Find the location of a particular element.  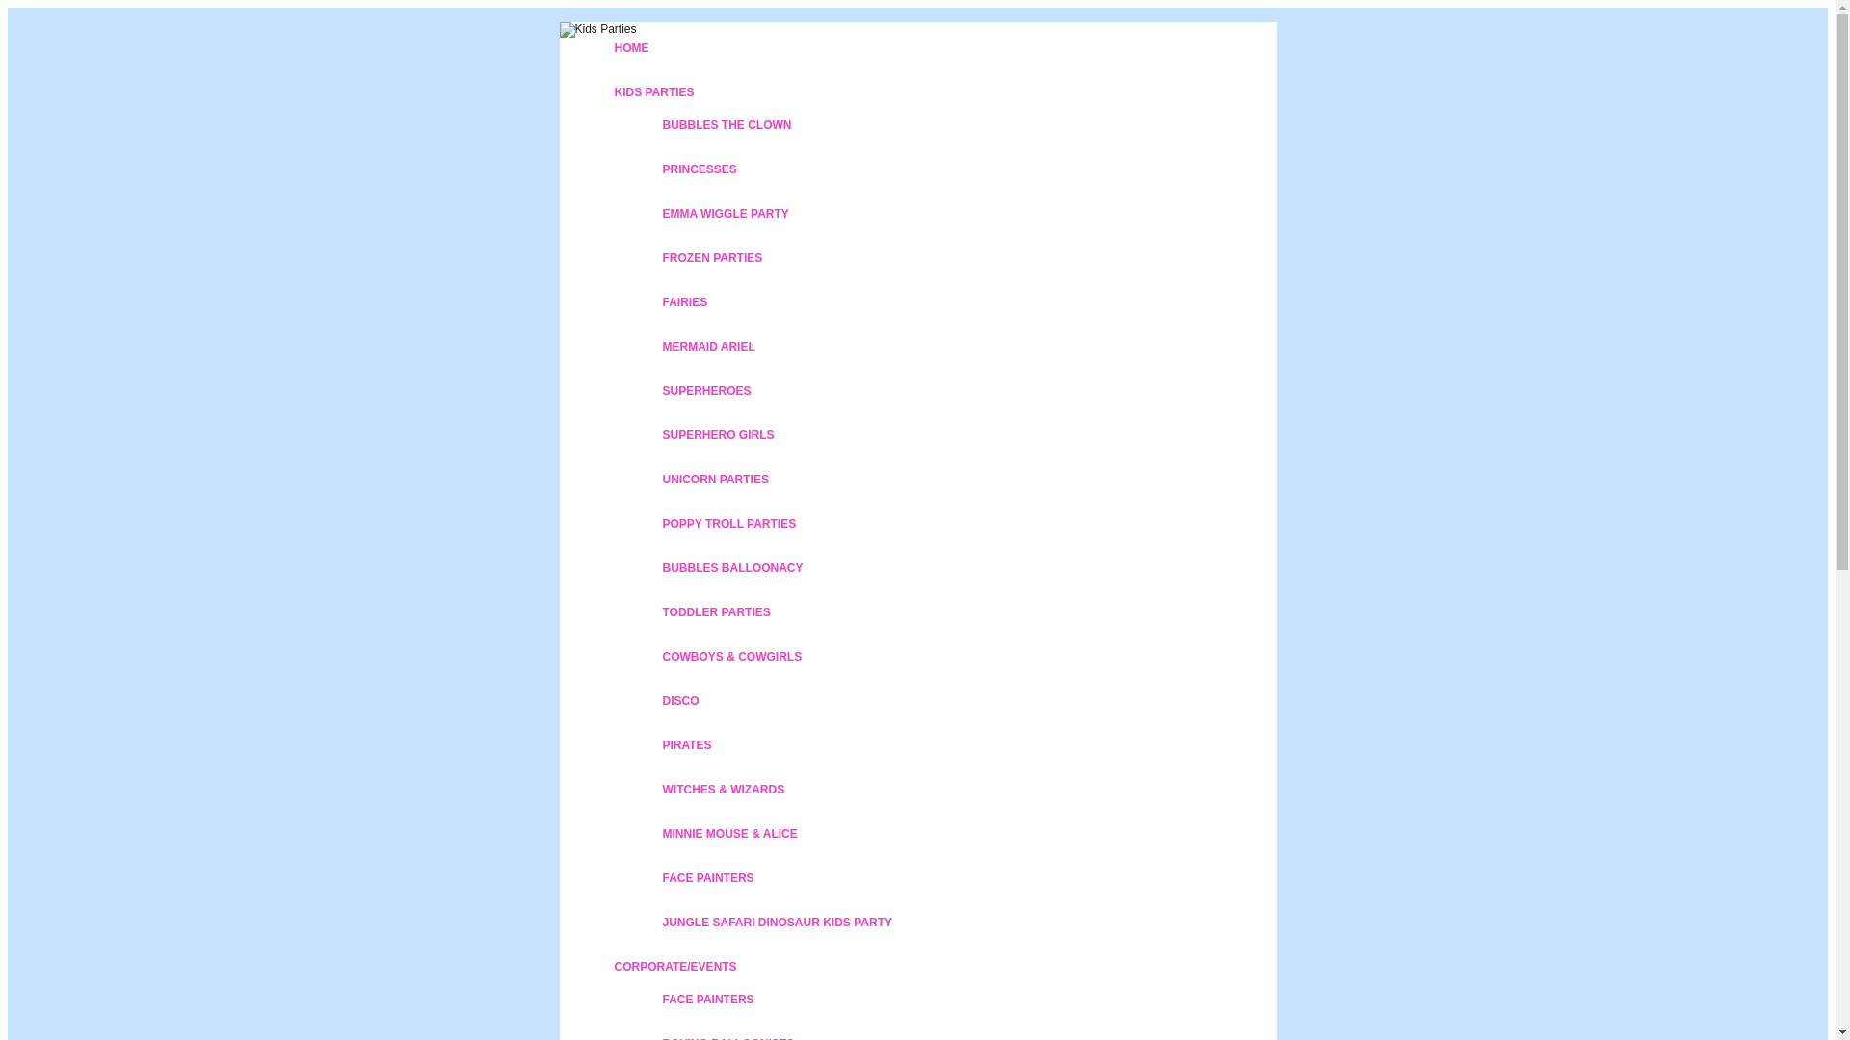

'PIRATES' is located at coordinates (686, 744).